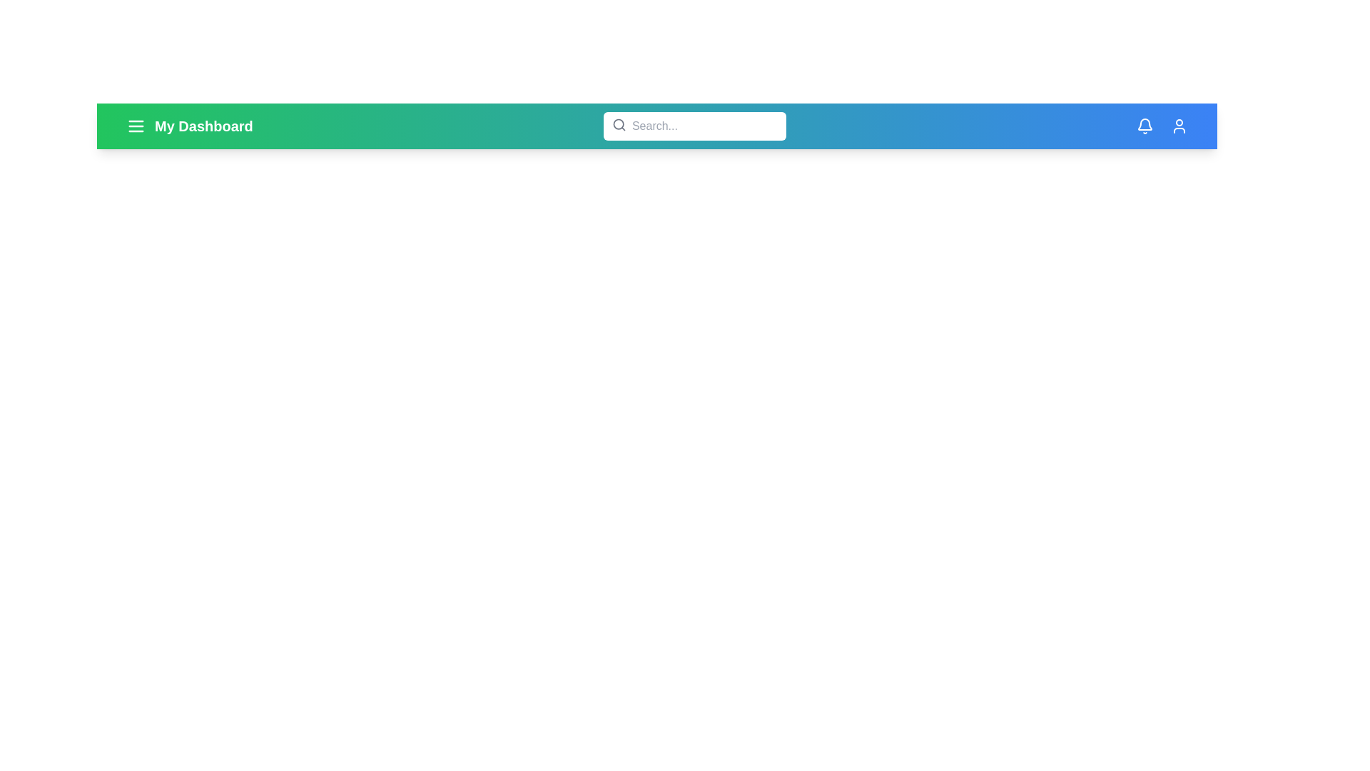 This screenshot has width=1370, height=771. What do you see at coordinates (1179, 126) in the screenshot?
I see `the user icon to open the user profile` at bounding box center [1179, 126].